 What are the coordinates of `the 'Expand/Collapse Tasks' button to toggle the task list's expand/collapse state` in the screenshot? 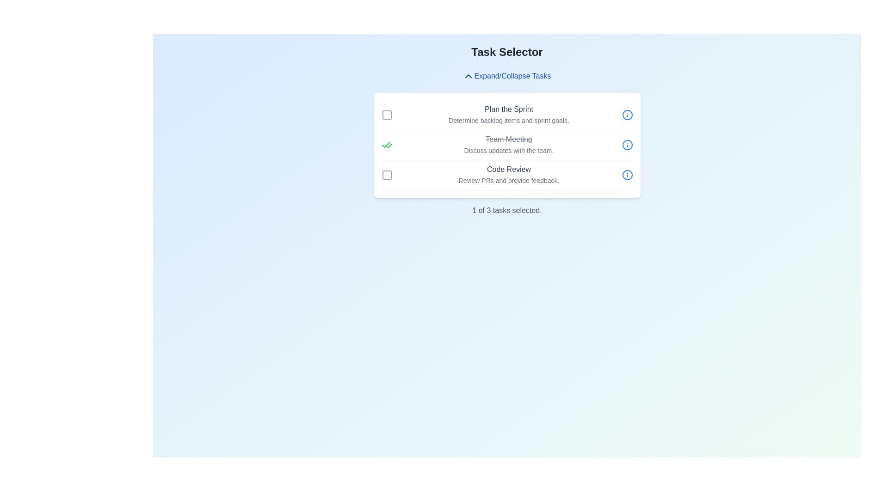 It's located at (506, 76).